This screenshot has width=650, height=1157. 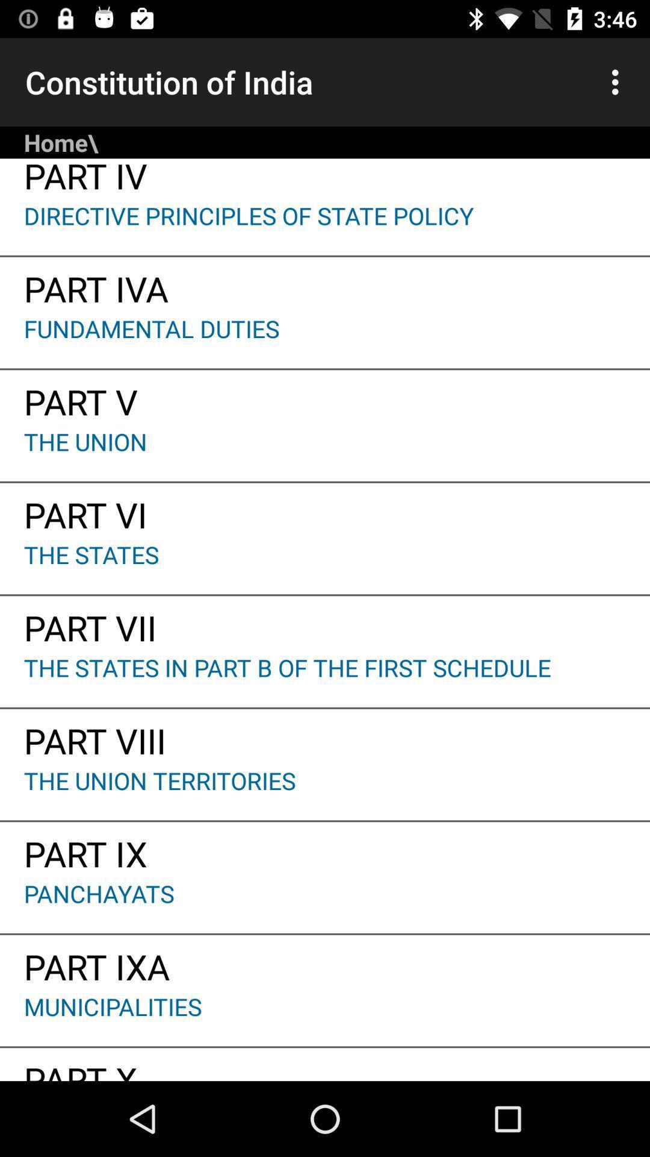 What do you see at coordinates (325, 510) in the screenshot?
I see `part vi` at bounding box center [325, 510].